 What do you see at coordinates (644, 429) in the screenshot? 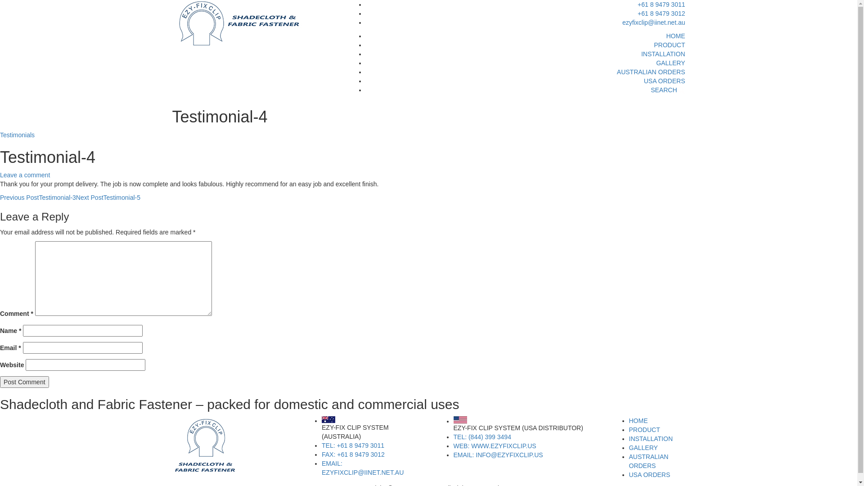
I see `'PRODUCT'` at bounding box center [644, 429].